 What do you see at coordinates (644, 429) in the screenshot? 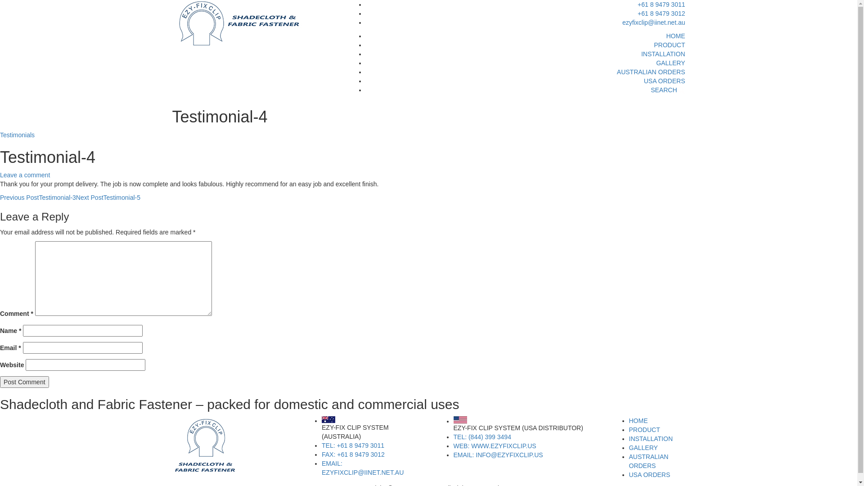
I see `'PRODUCT'` at bounding box center [644, 429].